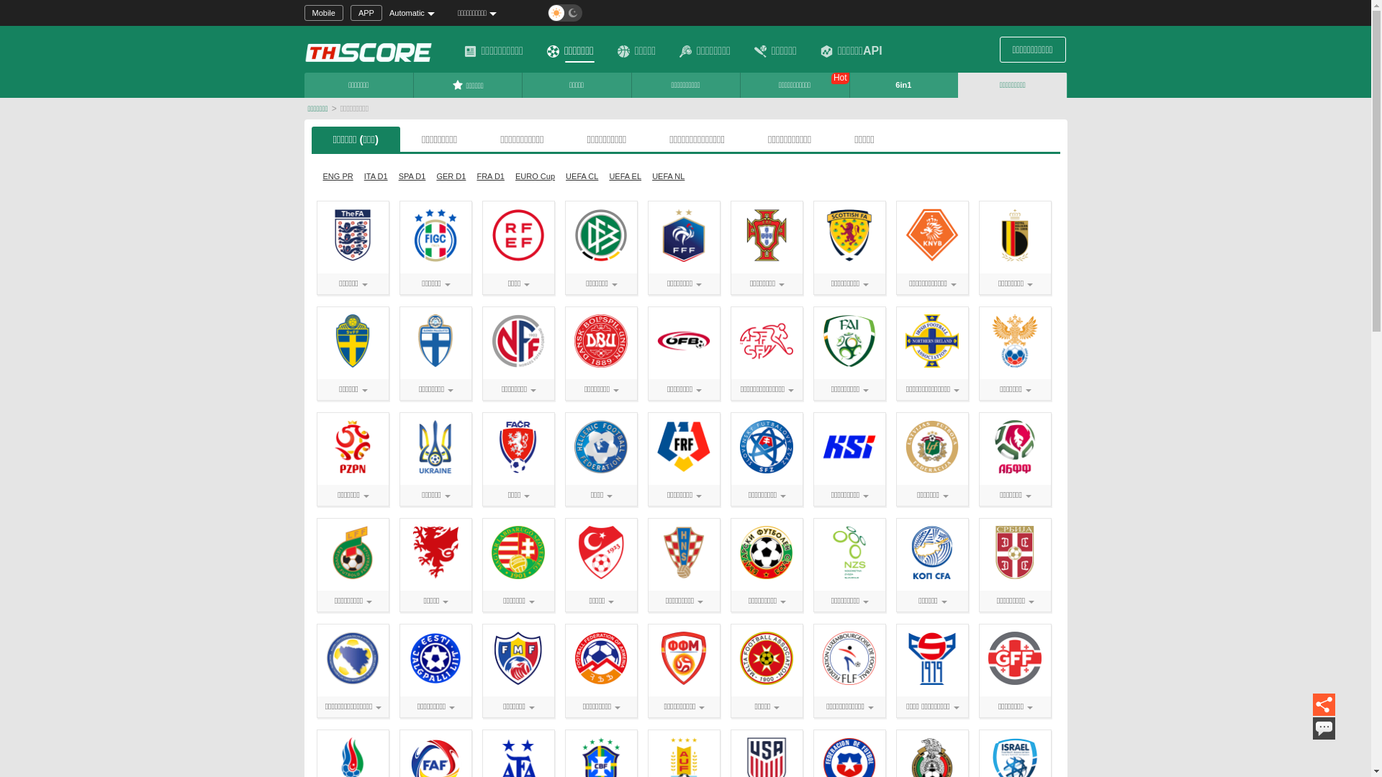 The height and width of the screenshot is (777, 1382). What do you see at coordinates (511, 176) in the screenshot?
I see `'EURO Cup'` at bounding box center [511, 176].